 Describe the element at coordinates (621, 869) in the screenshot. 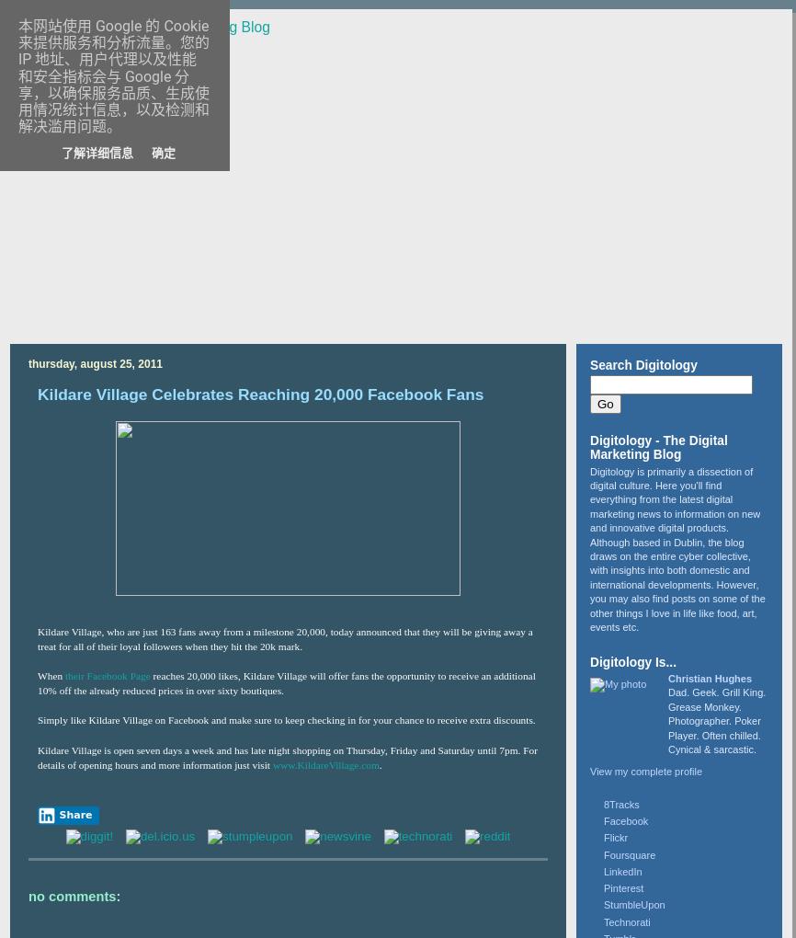

I see `'LinkedIn'` at that location.